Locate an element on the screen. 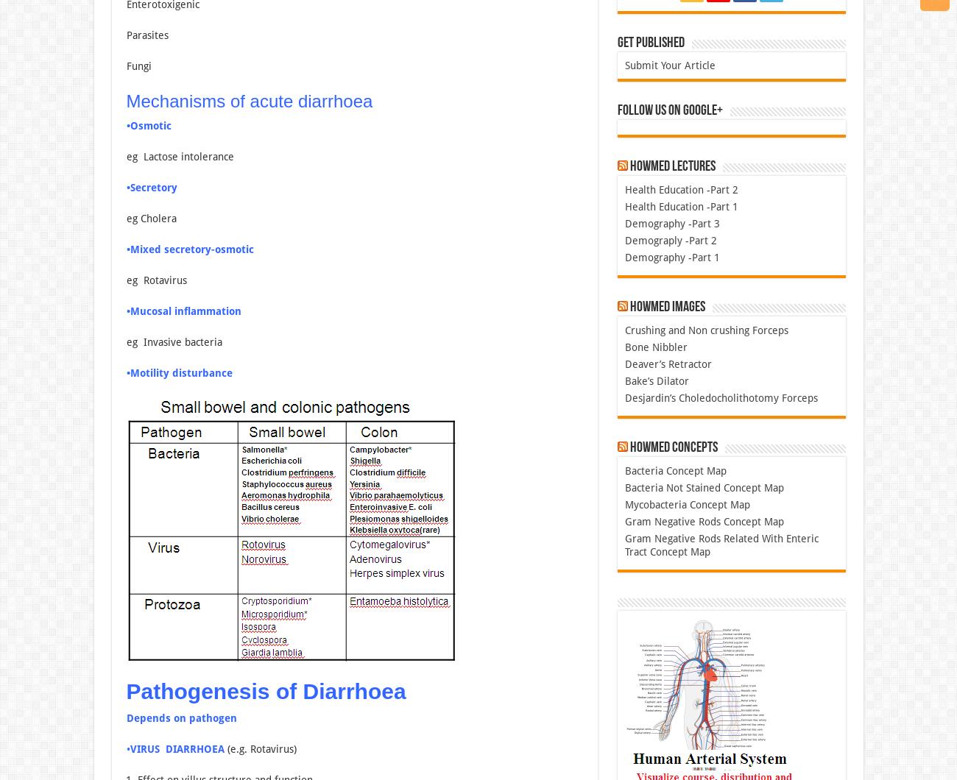 This screenshot has width=957, height=780. 'howMed Concepts' is located at coordinates (672, 447).